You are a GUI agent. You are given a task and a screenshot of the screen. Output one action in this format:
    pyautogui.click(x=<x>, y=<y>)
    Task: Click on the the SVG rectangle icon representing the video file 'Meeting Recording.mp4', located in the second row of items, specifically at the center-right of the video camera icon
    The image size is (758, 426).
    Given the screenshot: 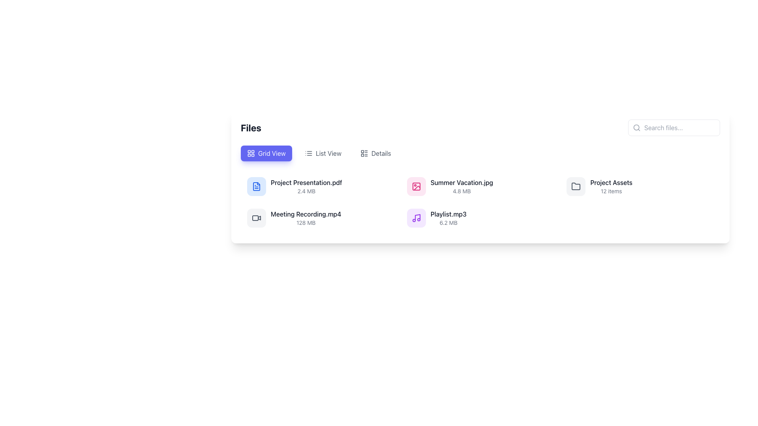 What is the action you would take?
    pyautogui.click(x=255, y=218)
    